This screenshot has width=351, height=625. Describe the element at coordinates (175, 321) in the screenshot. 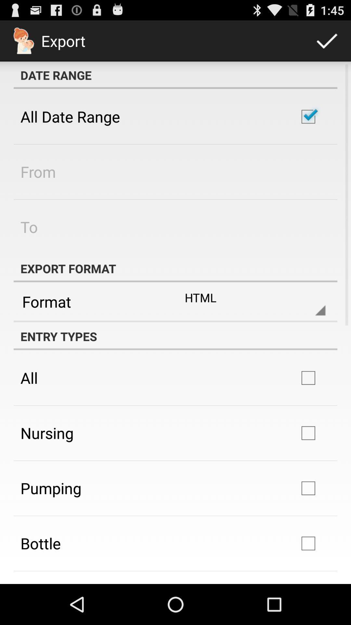

I see `icon above entry types item` at that location.